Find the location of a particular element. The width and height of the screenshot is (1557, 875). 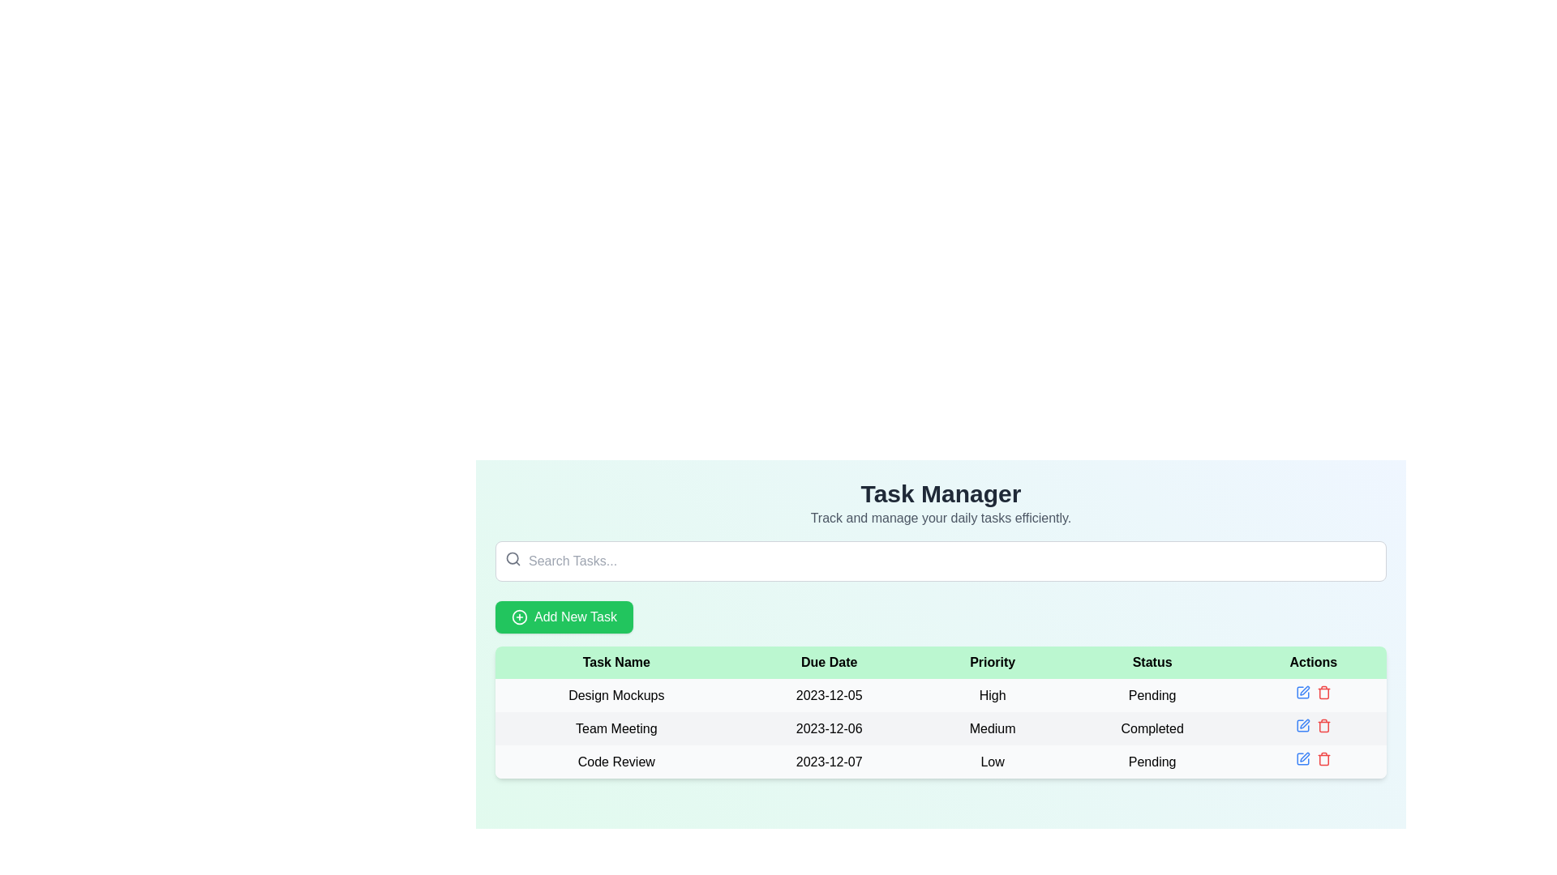

the due date cell for the 'Team Meeting' task in the second column of the data table is located at coordinates (829, 728).